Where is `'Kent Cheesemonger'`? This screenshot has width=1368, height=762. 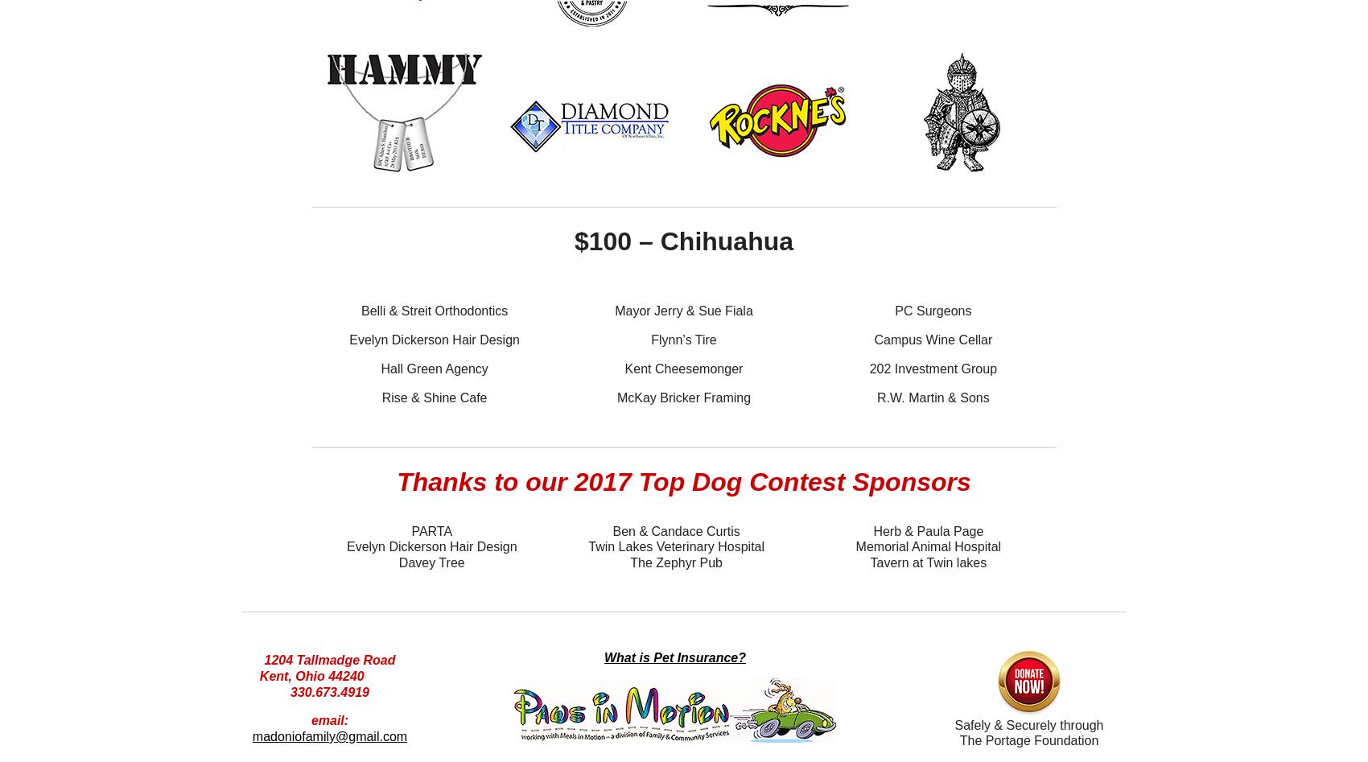
'Kent Cheesemonger' is located at coordinates (682, 368).